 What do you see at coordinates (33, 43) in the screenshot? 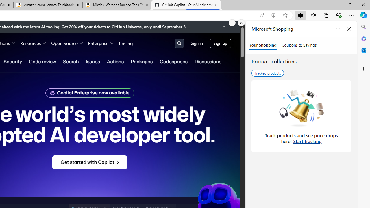
I see `'Resources'` at bounding box center [33, 43].